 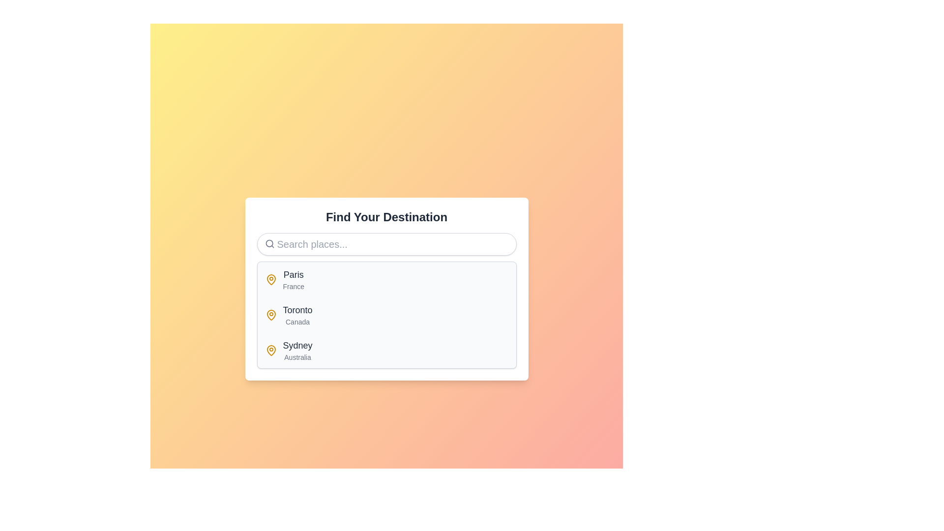 I want to click on the text label that displays 'Paris', which is styled in bold gray and is positioned at the top-left of a vertical list of destinations, so click(x=293, y=275).